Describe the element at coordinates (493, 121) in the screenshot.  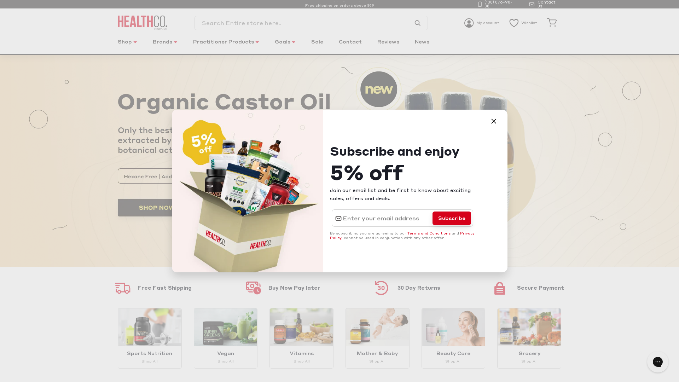
I see `'"Close (esc)"'` at that location.